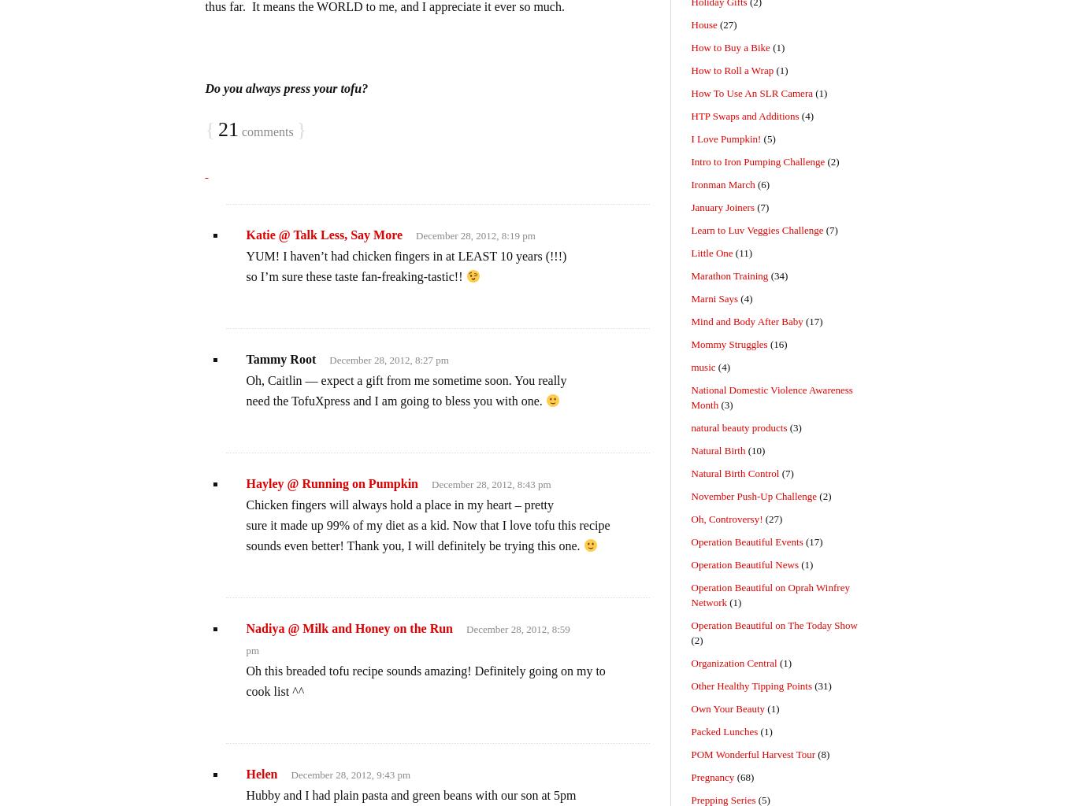  What do you see at coordinates (722, 207) in the screenshot?
I see `'January Joiners'` at bounding box center [722, 207].